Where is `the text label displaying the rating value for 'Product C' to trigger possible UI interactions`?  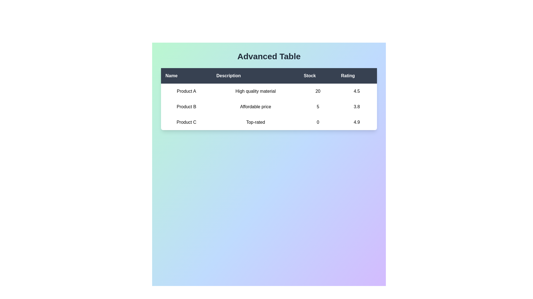
the text label displaying the rating value for 'Product C' to trigger possible UI interactions is located at coordinates (357, 122).